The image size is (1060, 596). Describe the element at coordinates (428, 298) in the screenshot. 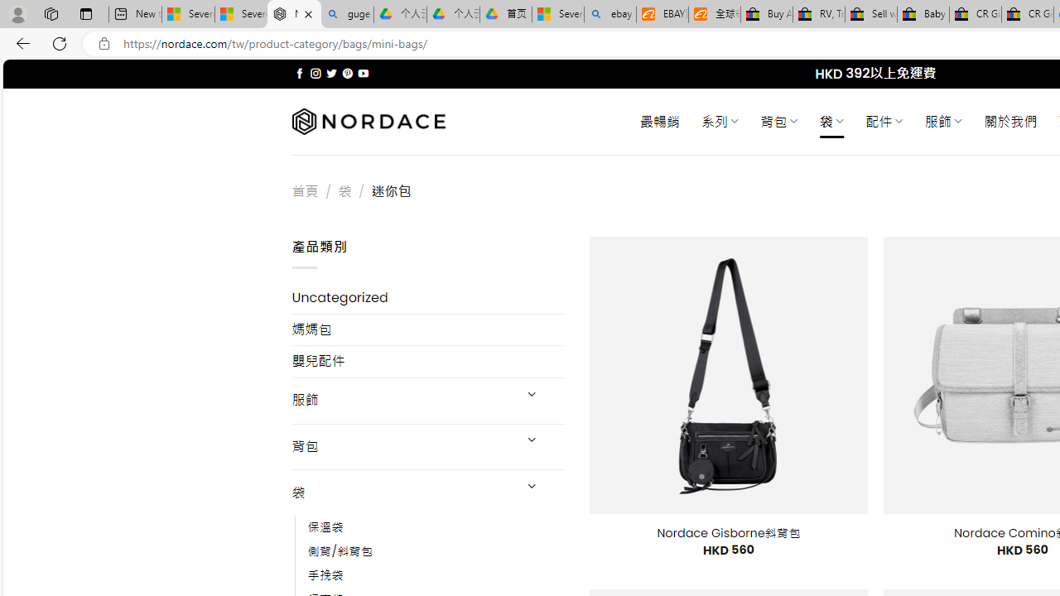

I see `'Uncategorized'` at that location.